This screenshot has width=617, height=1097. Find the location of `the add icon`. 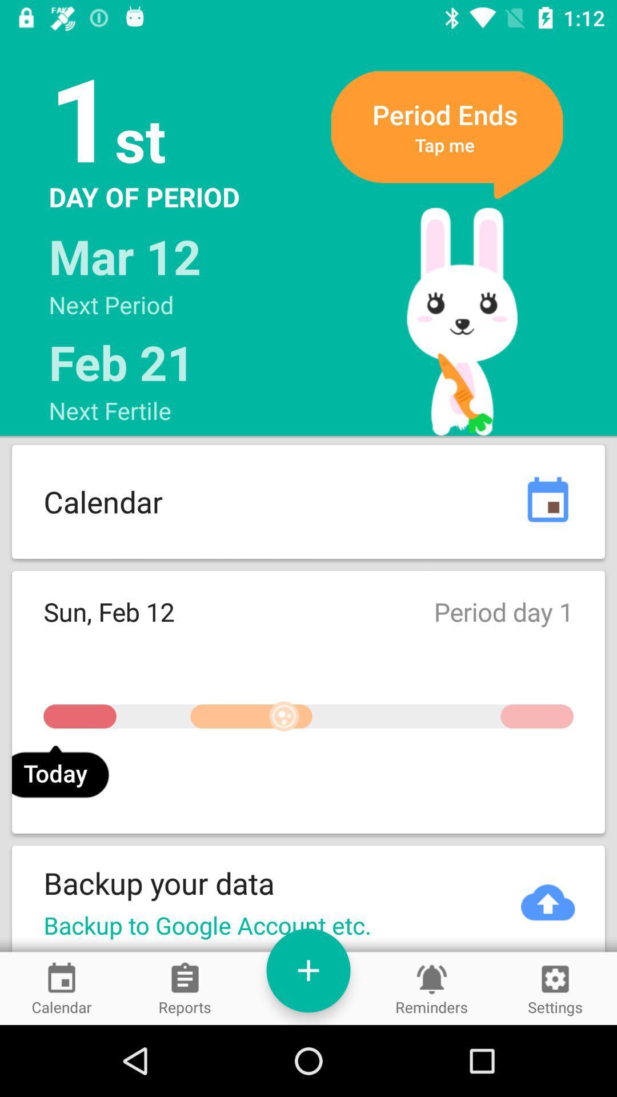

the add icon is located at coordinates (308, 970).